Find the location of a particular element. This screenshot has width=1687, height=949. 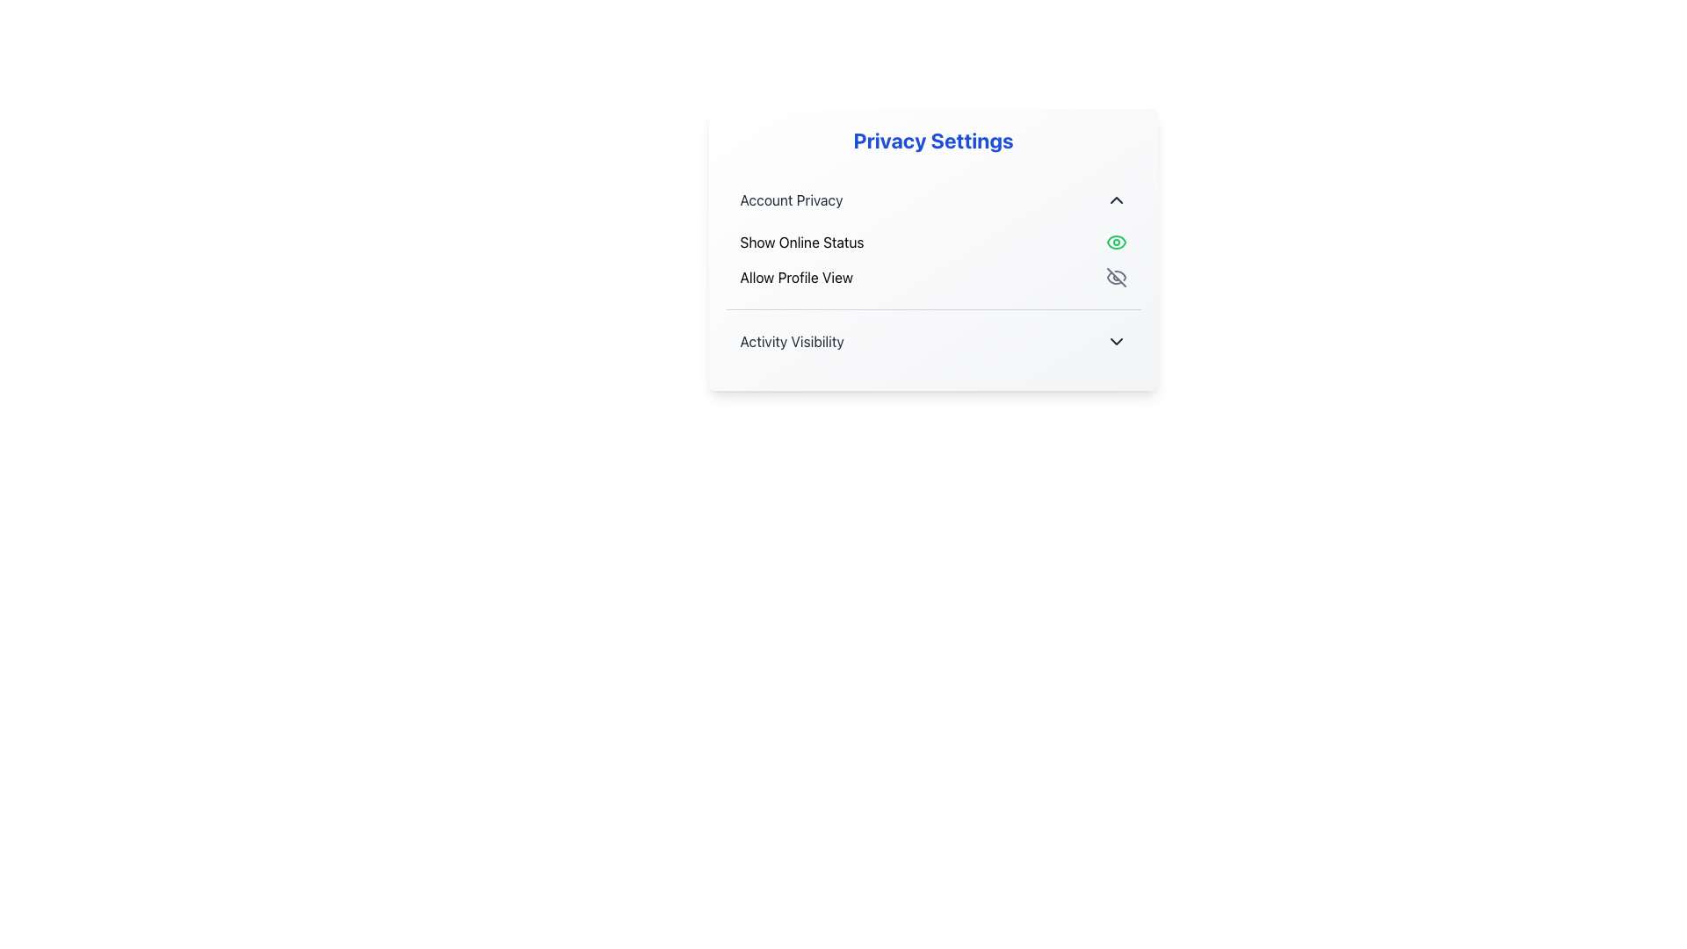

the toggle icon for 'Activity Visibility' located to the far-right of the text, which expands is located at coordinates (1115, 342).